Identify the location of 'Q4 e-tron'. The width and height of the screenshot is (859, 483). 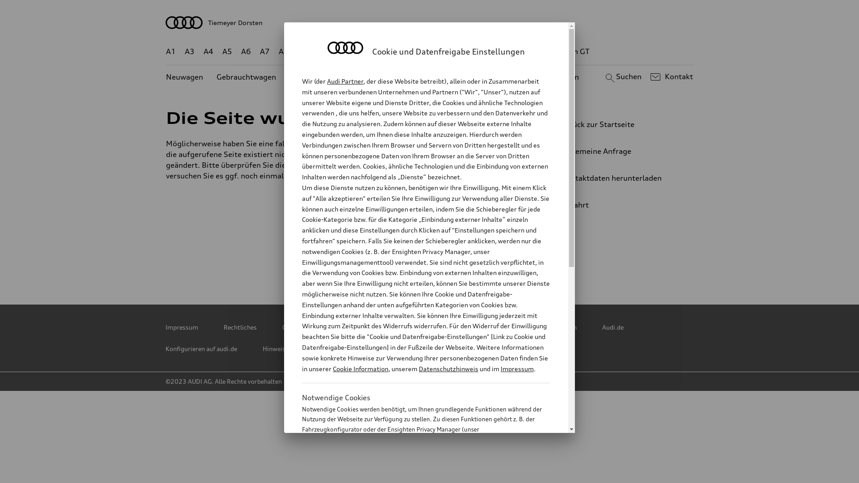
(352, 51).